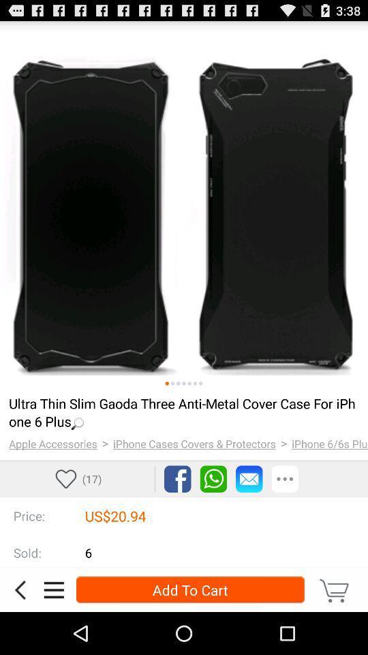 The height and width of the screenshot is (655, 368). Describe the element at coordinates (329, 443) in the screenshot. I see `item next to the >` at that location.